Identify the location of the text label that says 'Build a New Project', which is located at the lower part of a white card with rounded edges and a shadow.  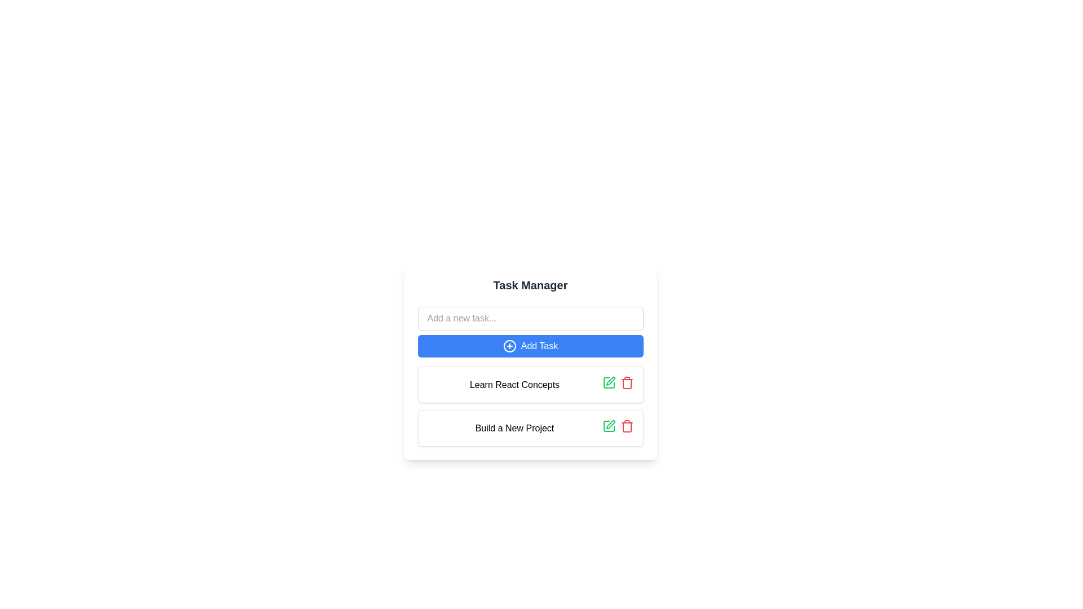
(514, 428).